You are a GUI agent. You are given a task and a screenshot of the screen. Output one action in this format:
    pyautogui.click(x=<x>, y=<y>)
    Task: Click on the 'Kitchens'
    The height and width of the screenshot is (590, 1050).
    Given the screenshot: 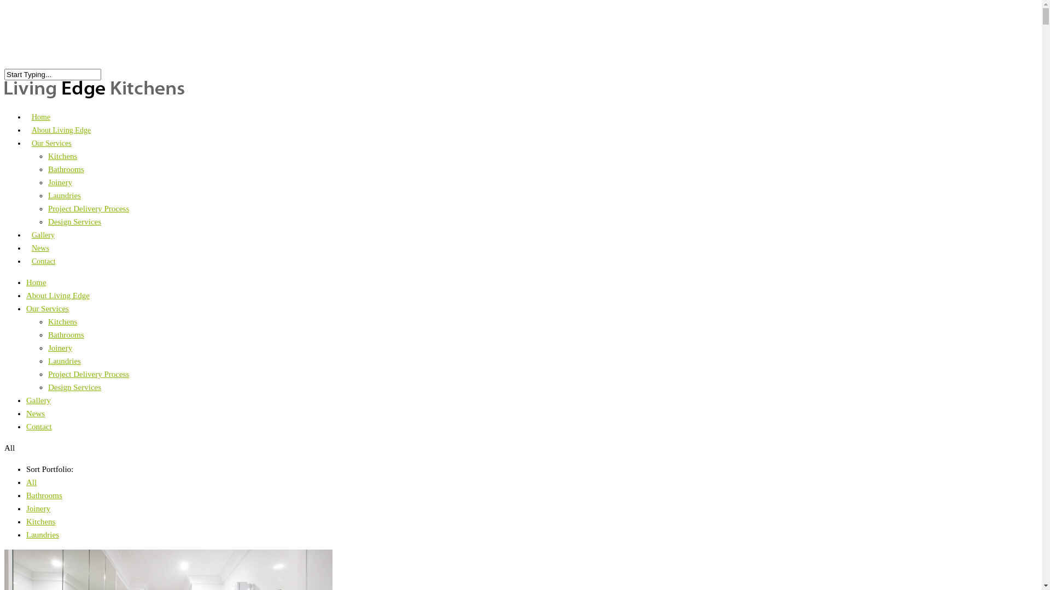 What is the action you would take?
    pyautogui.click(x=62, y=156)
    